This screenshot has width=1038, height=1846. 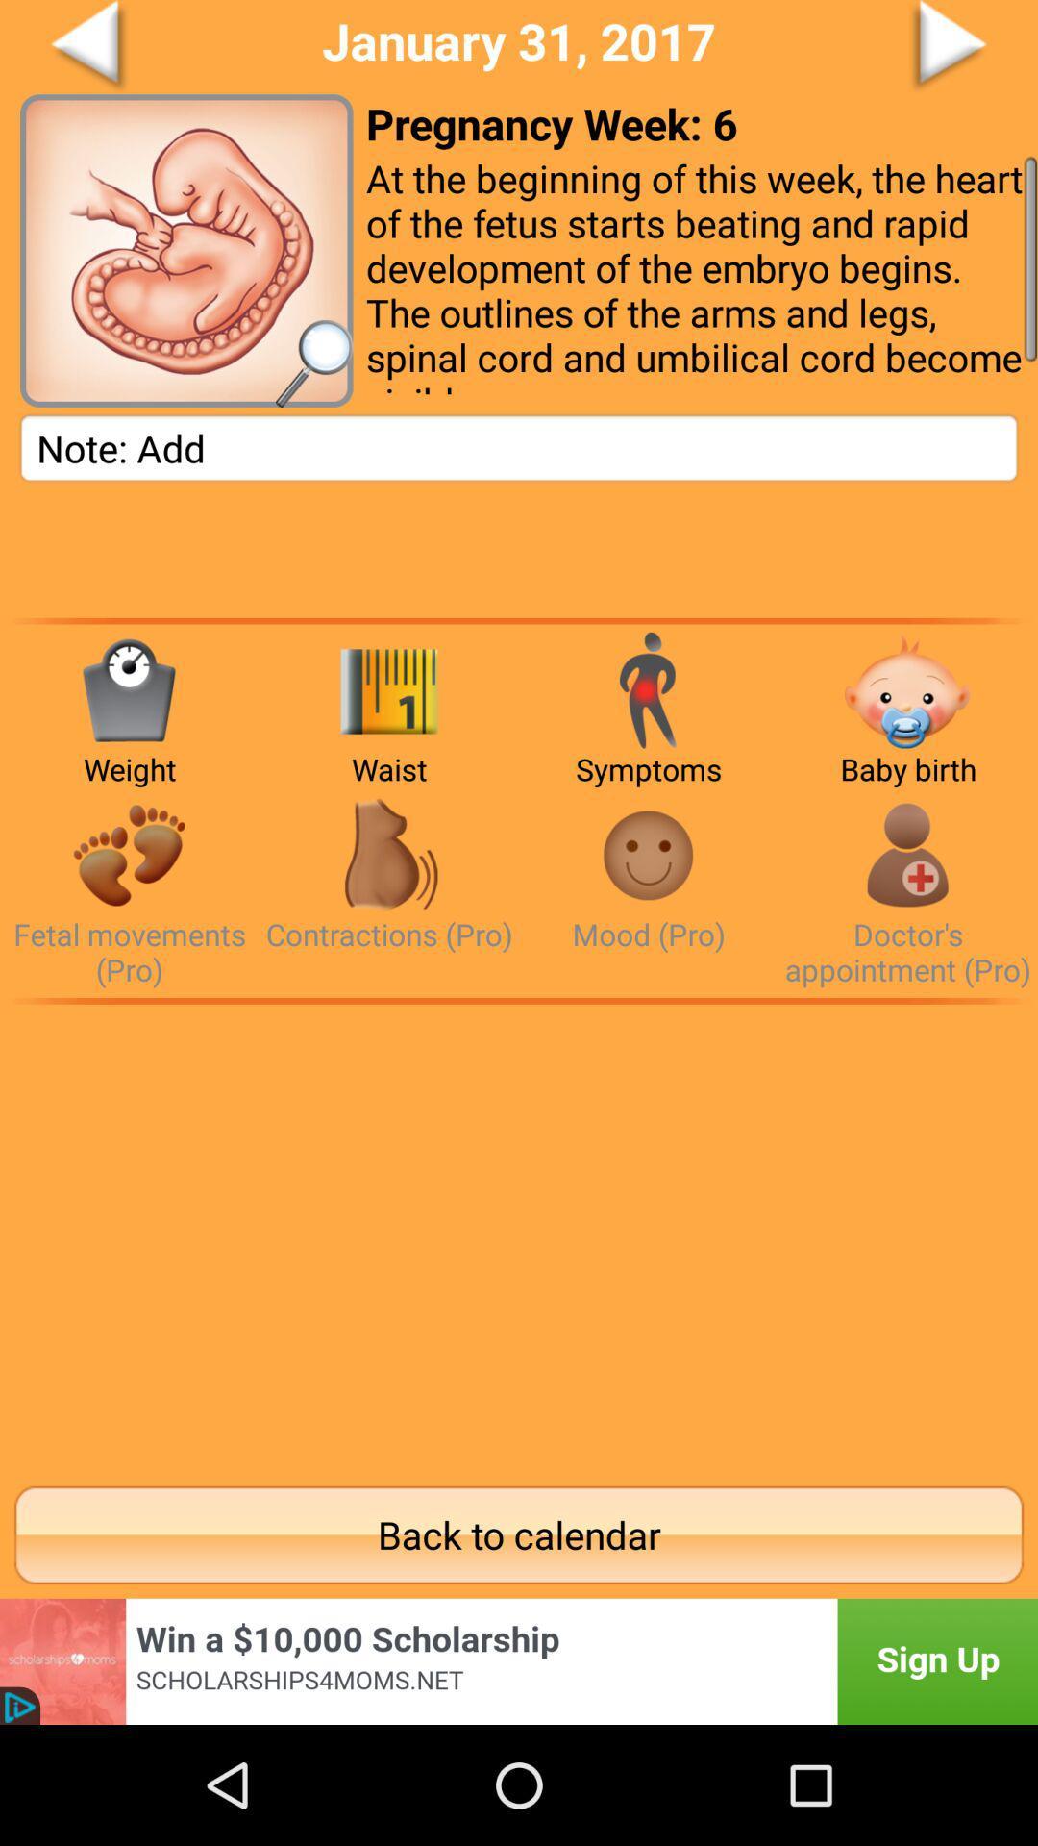 What do you see at coordinates (160, 47) in the screenshot?
I see `go back` at bounding box center [160, 47].